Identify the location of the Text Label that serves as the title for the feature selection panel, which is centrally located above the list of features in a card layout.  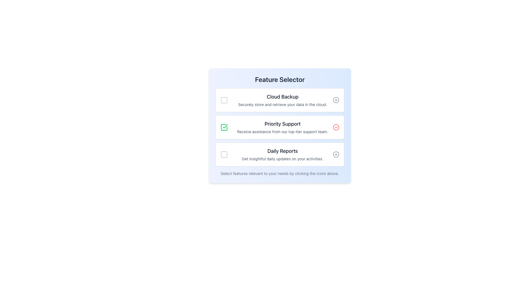
(280, 79).